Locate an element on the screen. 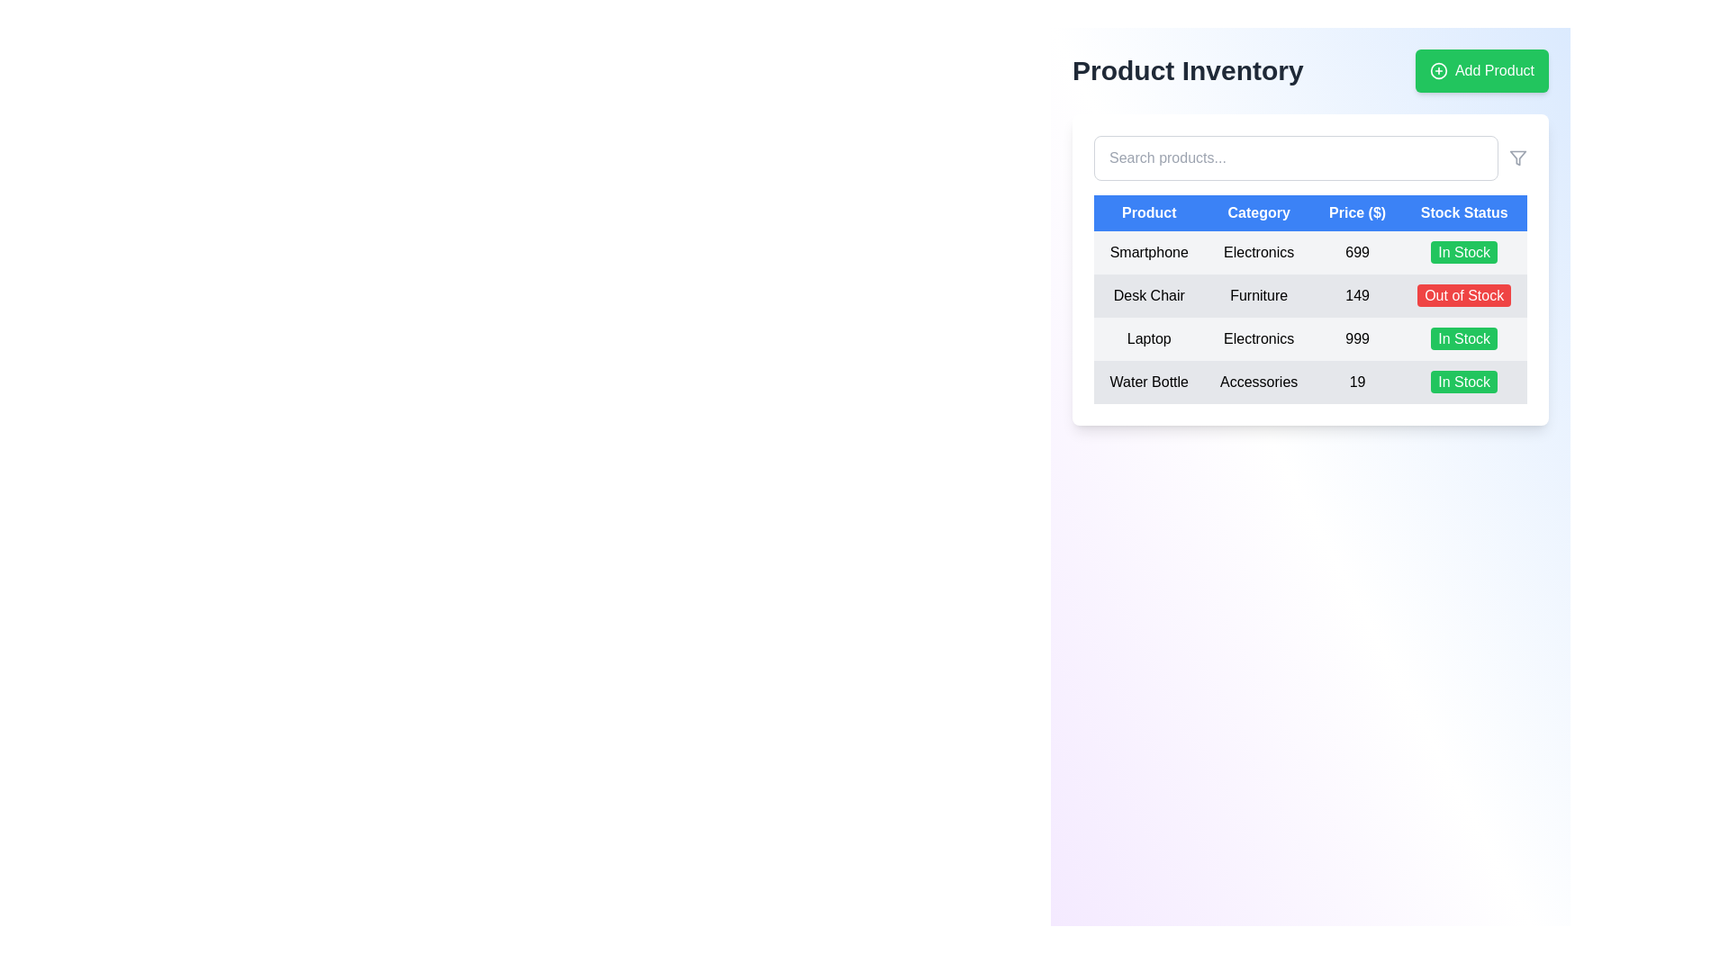  the text label element displaying 'Water Bottle', which is located in the first column of the fourth row in a tabular structure is located at coordinates (1148, 381).